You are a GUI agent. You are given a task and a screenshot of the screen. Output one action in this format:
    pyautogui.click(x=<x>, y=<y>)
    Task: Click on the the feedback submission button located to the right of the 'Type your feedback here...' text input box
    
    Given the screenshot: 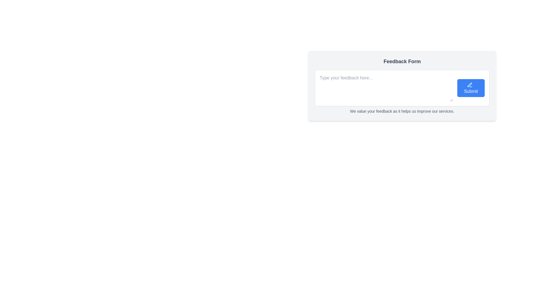 What is the action you would take?
    pyautogui.click(x=470, y=88)
    